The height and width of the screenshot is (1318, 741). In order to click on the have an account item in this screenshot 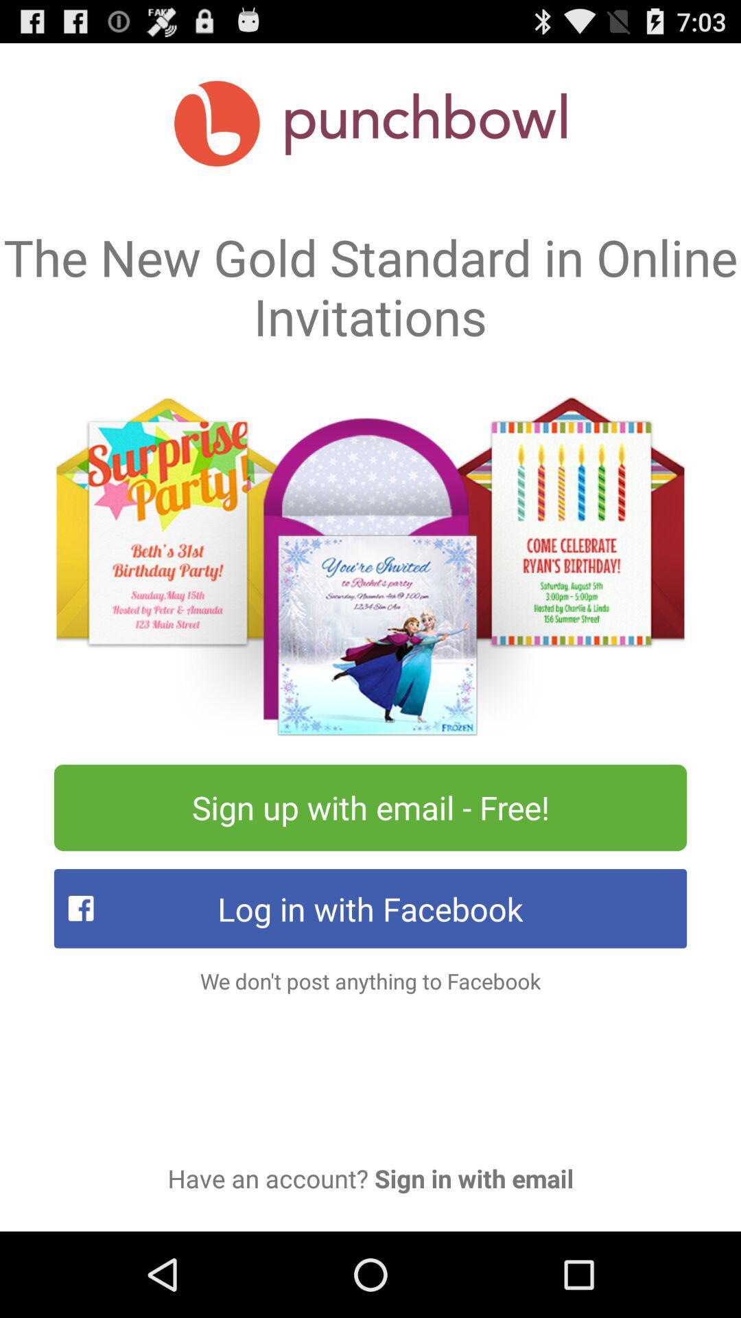, I will do `click(370, 1177)`.